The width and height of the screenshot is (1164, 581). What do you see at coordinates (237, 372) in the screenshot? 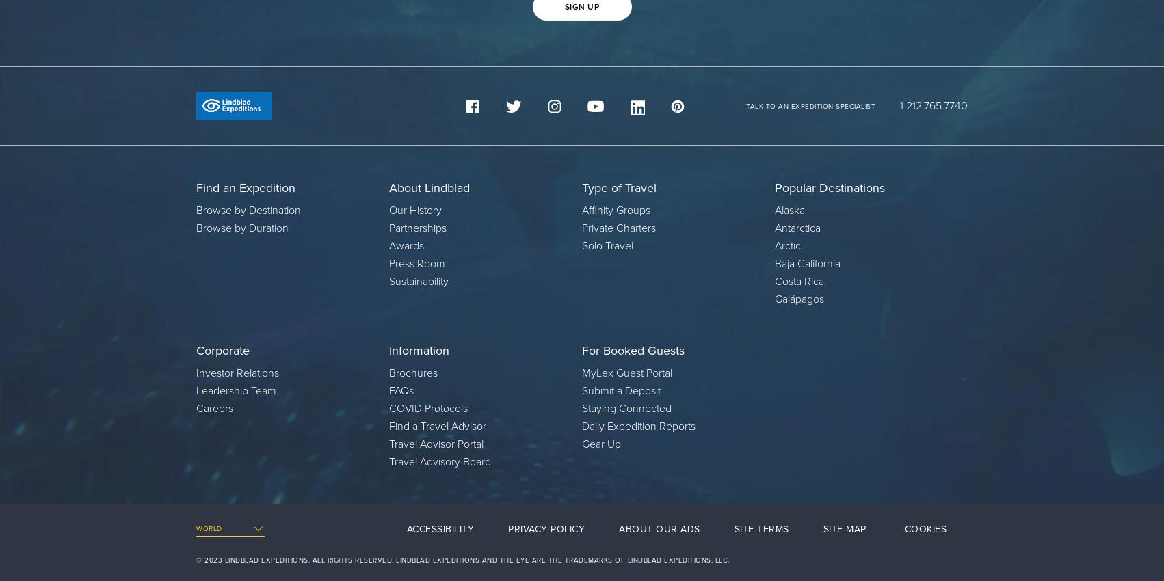
I see `'Investor Relations'` at bounding box center [237, 372].